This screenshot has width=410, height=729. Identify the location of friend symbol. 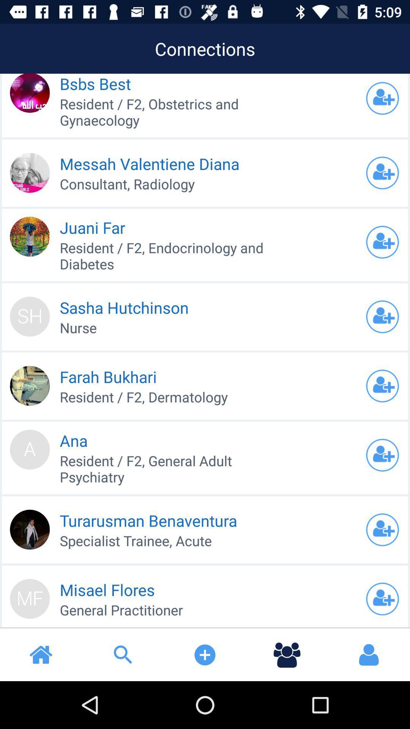
(382, 172).